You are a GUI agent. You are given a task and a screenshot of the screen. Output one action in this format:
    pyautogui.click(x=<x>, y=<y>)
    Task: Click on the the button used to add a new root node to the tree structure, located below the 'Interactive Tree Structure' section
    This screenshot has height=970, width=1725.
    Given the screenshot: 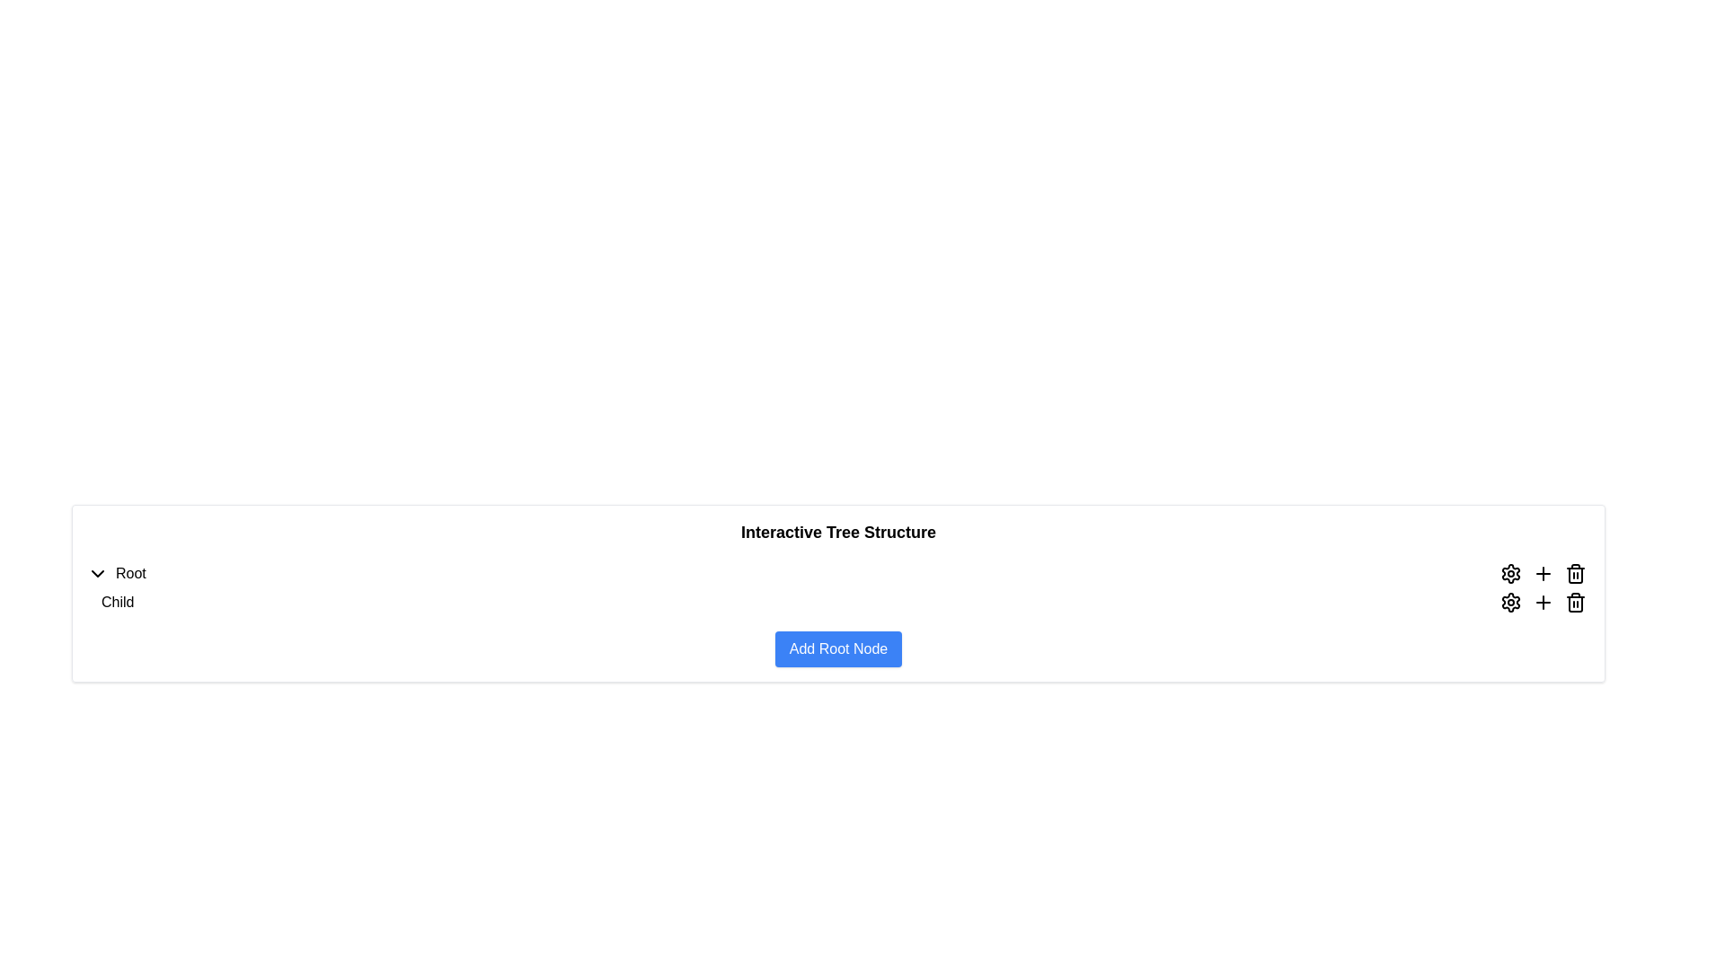 What is the action you would take?
    pyautogui.click(x=837, y=648)
    